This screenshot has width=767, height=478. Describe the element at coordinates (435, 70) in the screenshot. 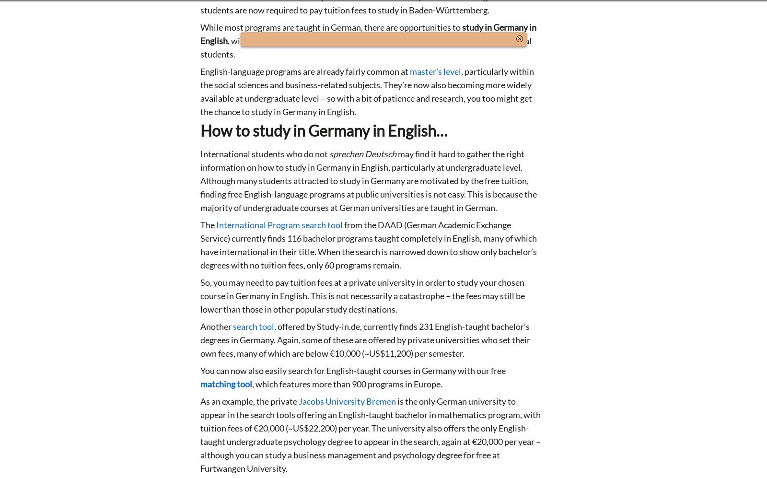

I see `'master’s level'` at that location.